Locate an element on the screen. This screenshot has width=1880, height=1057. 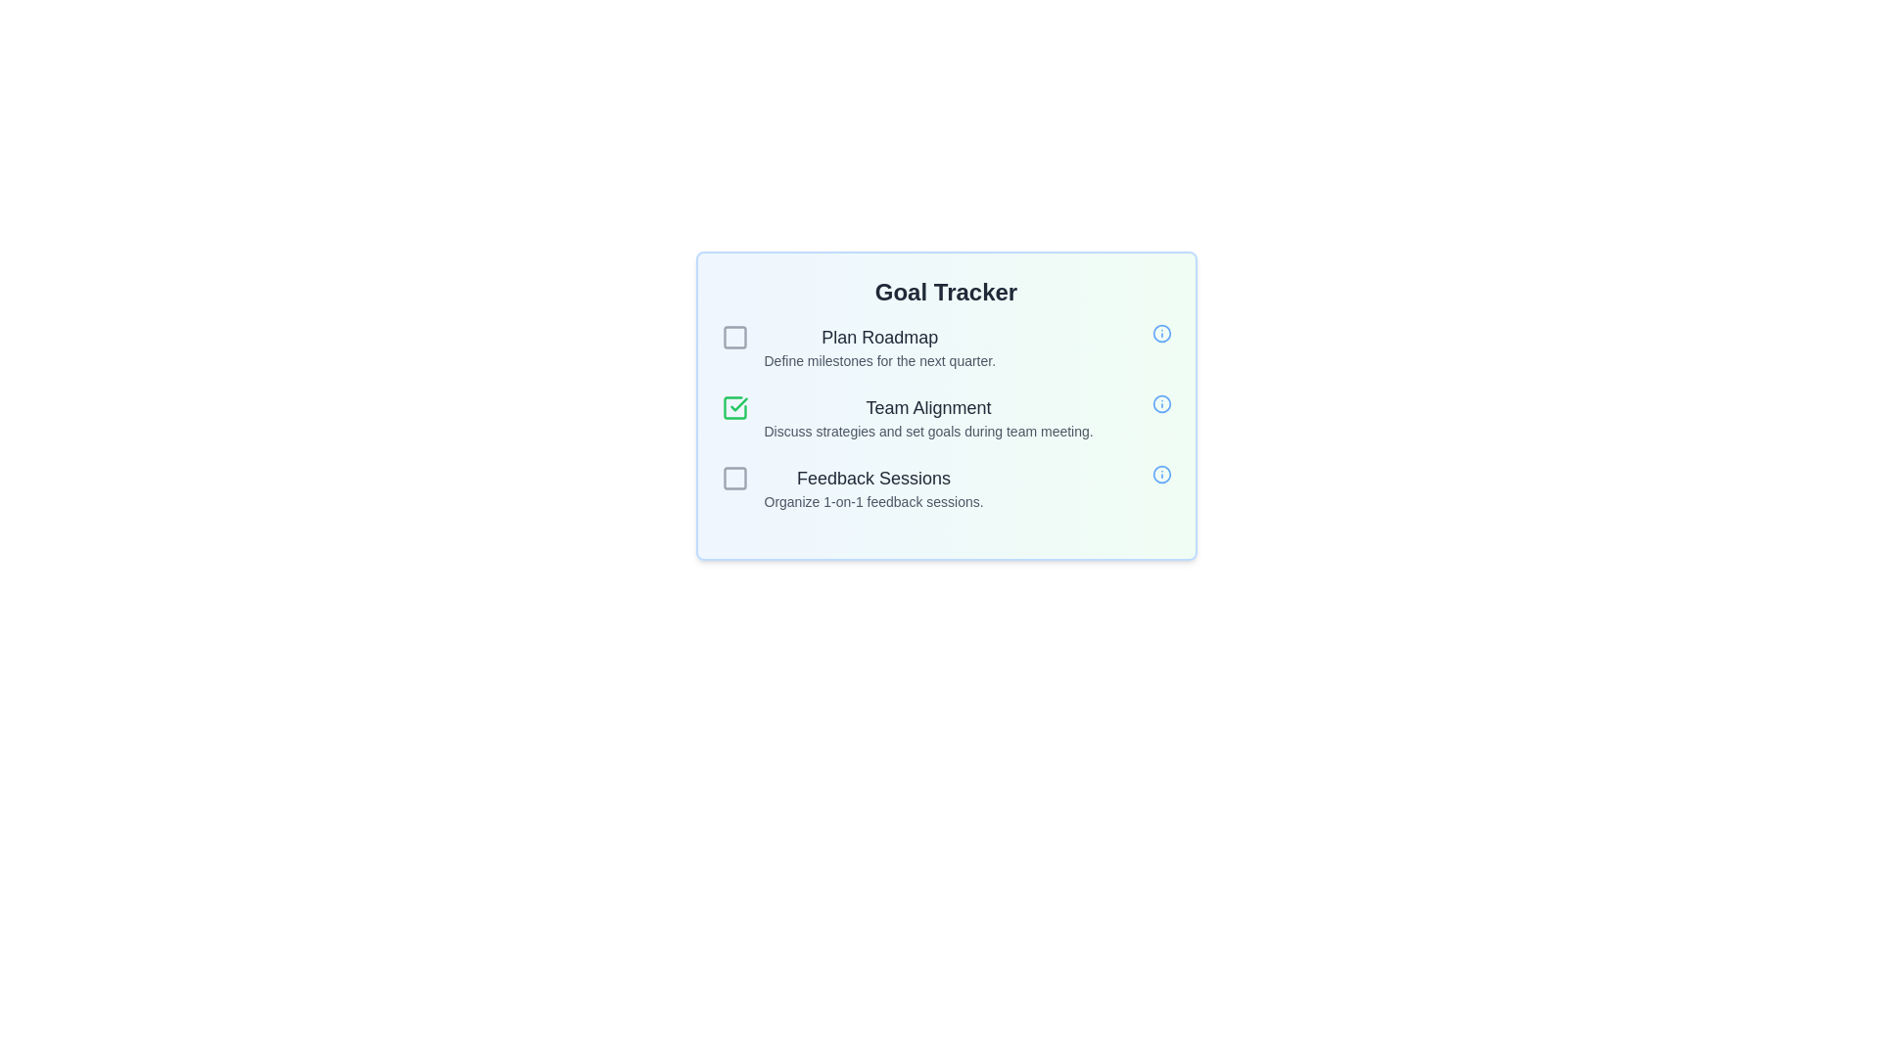
the third circular informational icon located to the right of the 'Feedback Sessions' title and description text is located at coordinates (1161, 475).